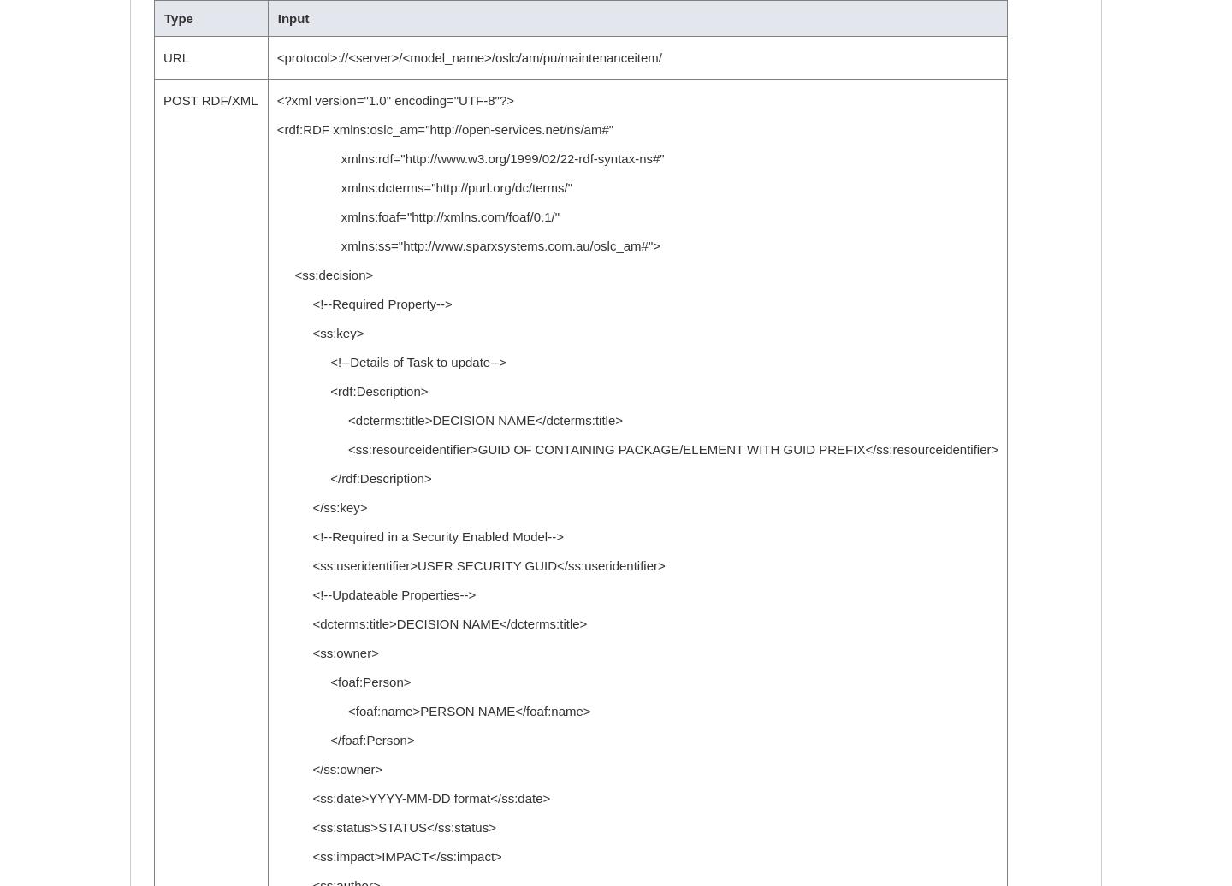 This screenshot has height=886, width=1232. What do you see at coordinates (412, 798) in the screenshot?
I see `'<ss:date>YYYY-MM-DD format</ss:date>'` at bounding box center [412, 798].